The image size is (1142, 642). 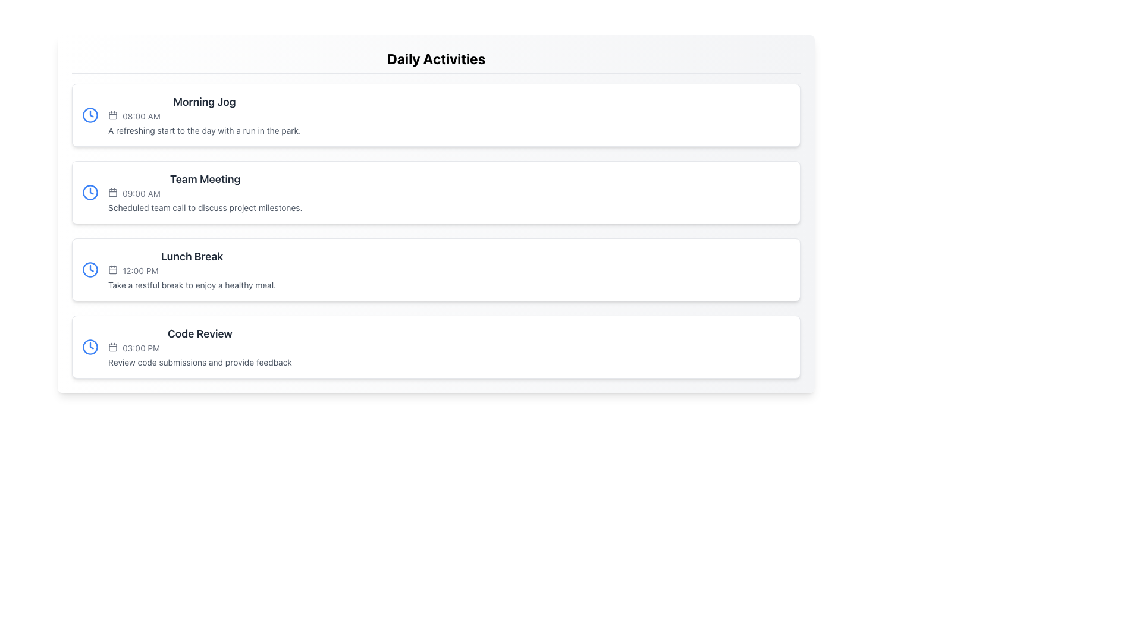 I want to click on text displayed in the 'Team Meeting' heading, which is bold and prominently positioned above the time and description in the activity section, so click(x=205, y=179).